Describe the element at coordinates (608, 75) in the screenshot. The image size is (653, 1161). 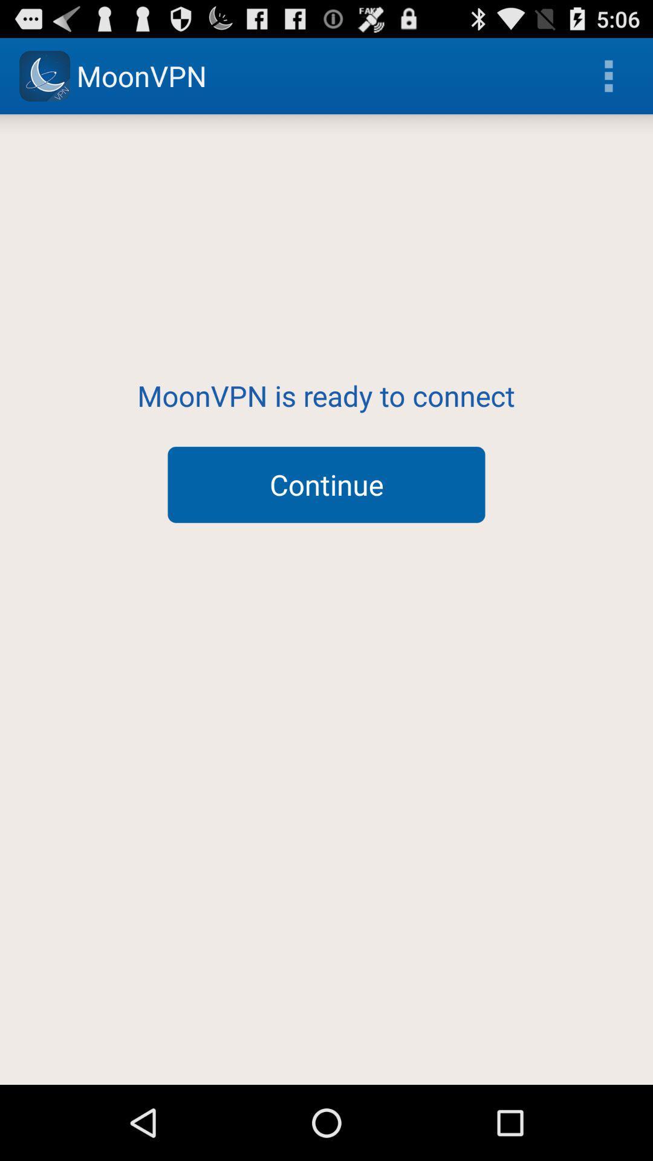
I see `the icon at the top right corner` at that location.